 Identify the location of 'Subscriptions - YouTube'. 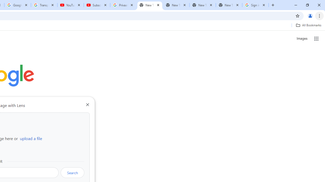
(97, 5).